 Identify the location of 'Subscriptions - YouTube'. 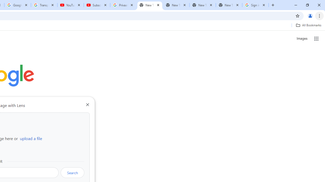
(97, 5).